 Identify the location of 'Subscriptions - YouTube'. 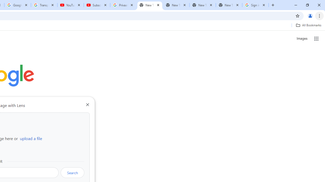
(97, 5).